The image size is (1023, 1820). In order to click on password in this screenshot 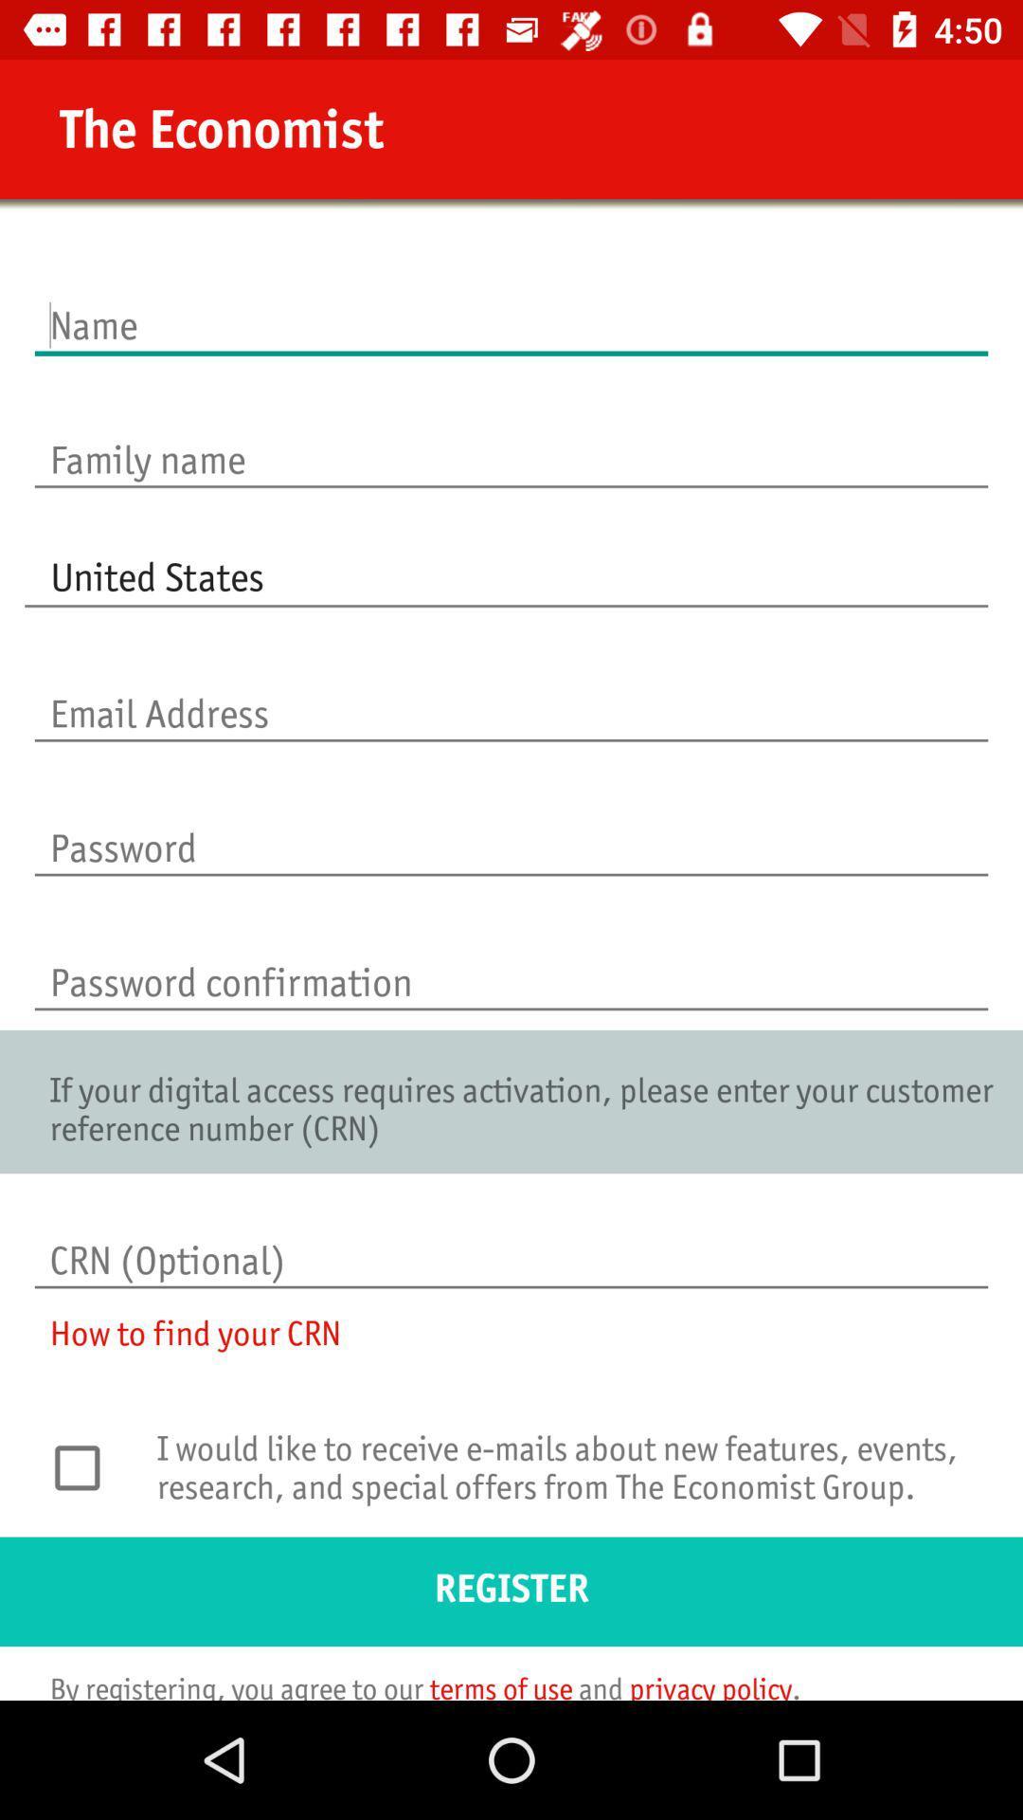, I will do `click(511, 828)`.